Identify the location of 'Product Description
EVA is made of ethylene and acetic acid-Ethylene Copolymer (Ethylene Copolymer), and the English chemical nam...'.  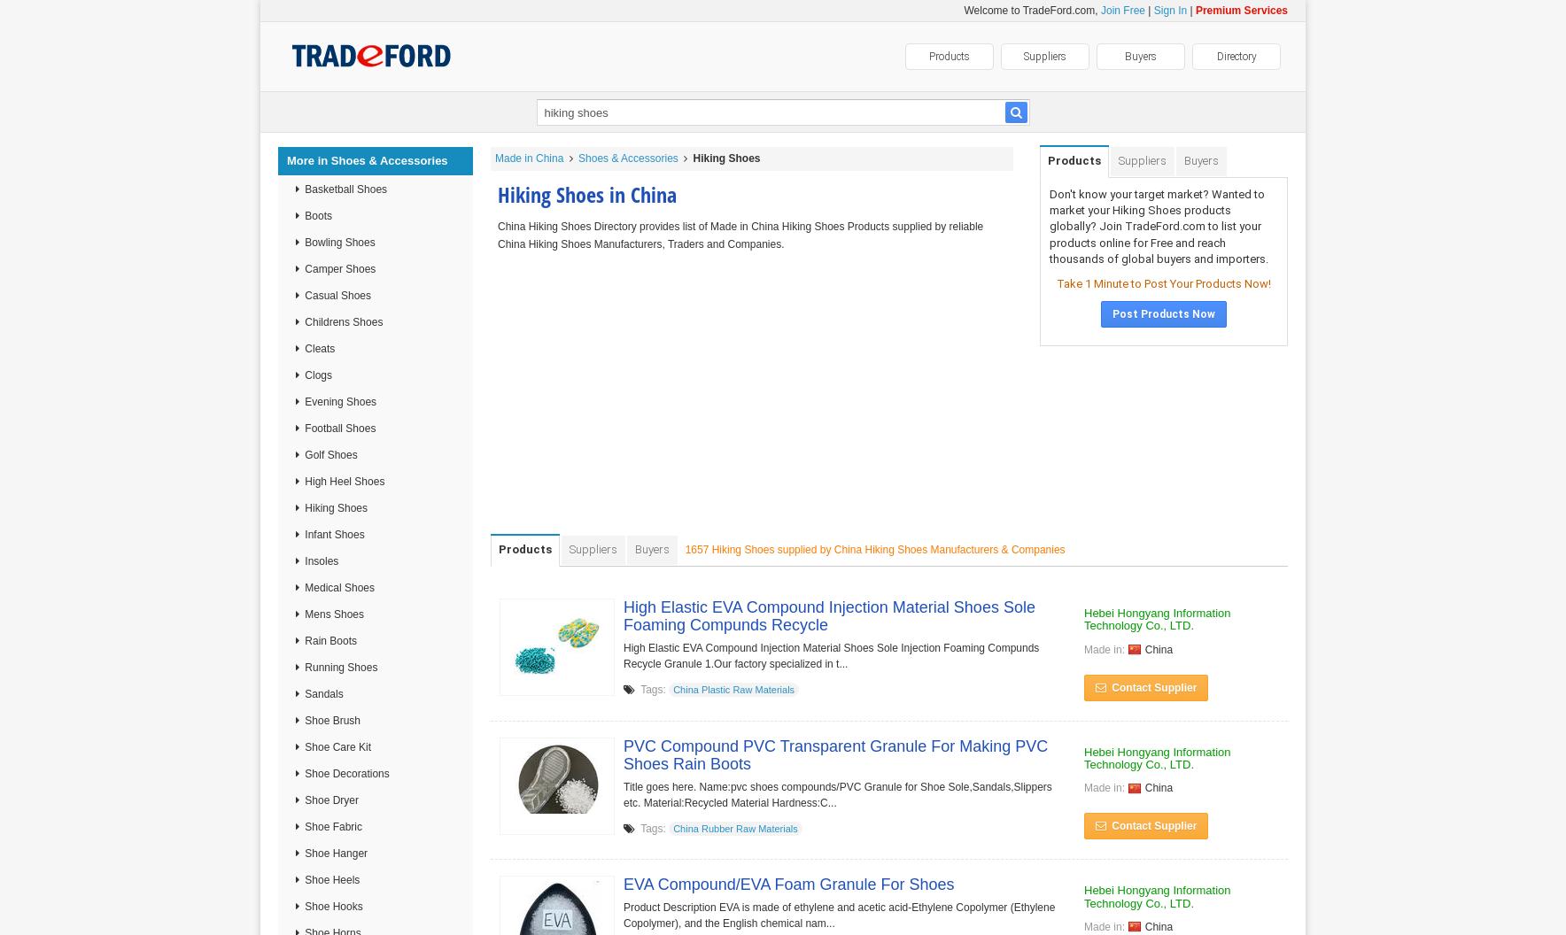
(838, 915).